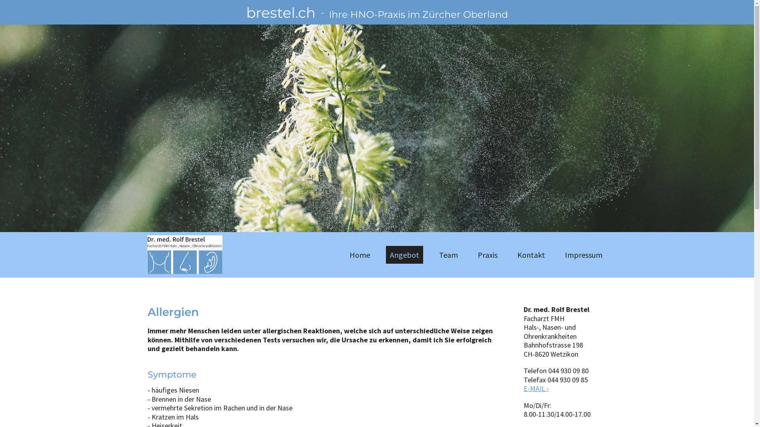 This screenshot has width=760, height=427. Describe the element at coordinates (487, 255) in the screenshot. I see `'Praxis'` at that location.